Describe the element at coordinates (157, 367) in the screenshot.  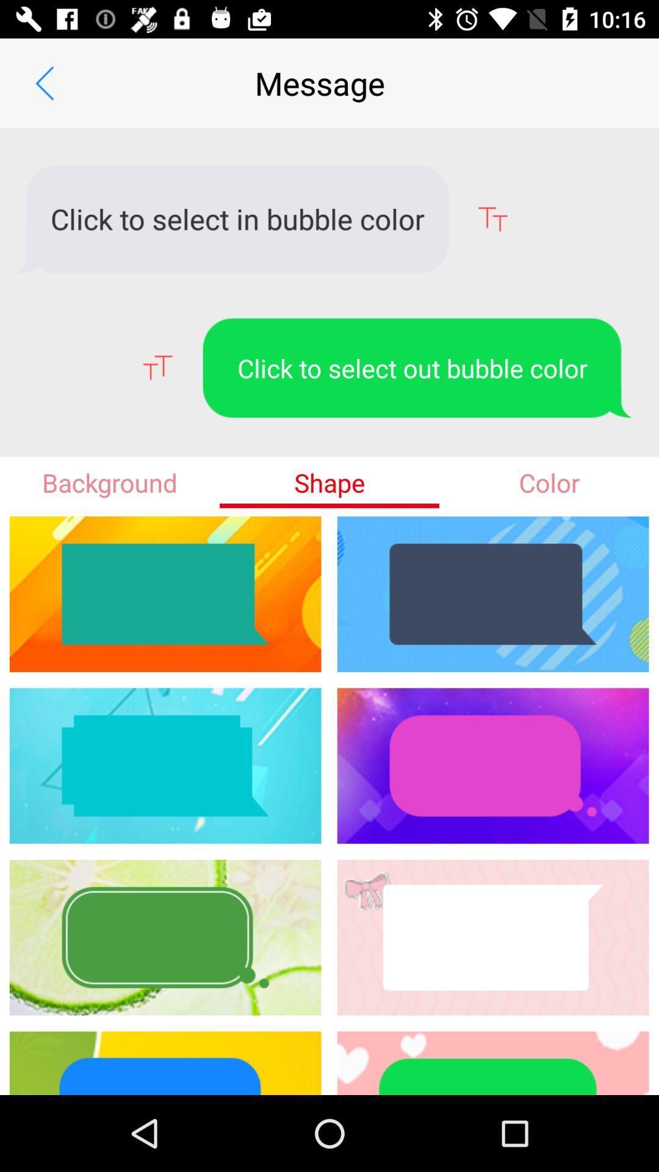
I see `the font icon` at that location.